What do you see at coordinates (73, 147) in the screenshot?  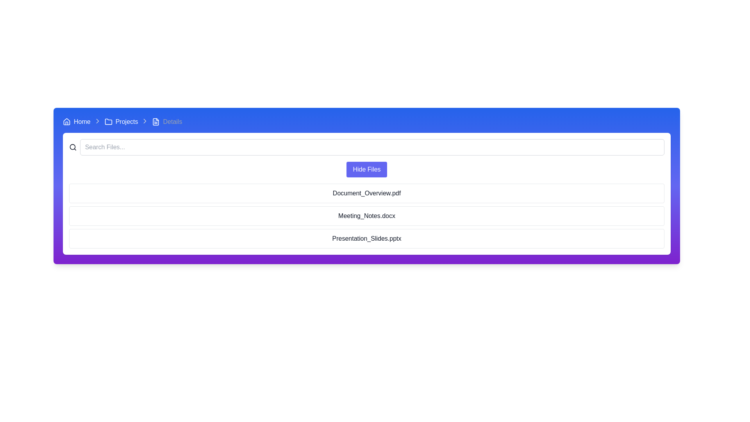 I see `the SVG Circle element that represents the lens of the search icon located on the top-left side of the interface` at bounding box center [73, 147].